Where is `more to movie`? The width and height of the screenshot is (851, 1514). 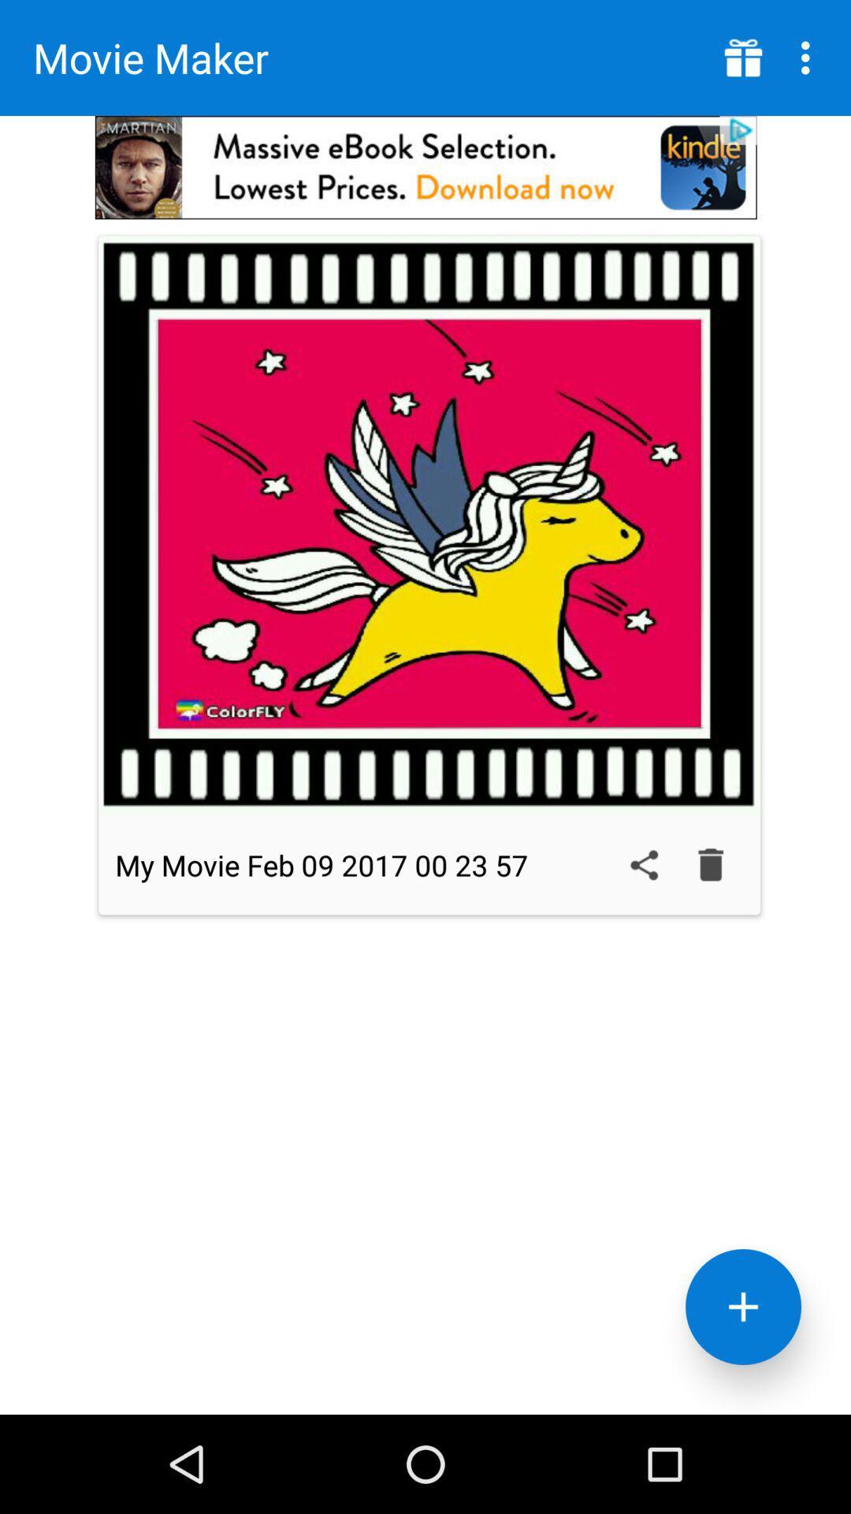 more to movie is located at coordinates (743, 1307).